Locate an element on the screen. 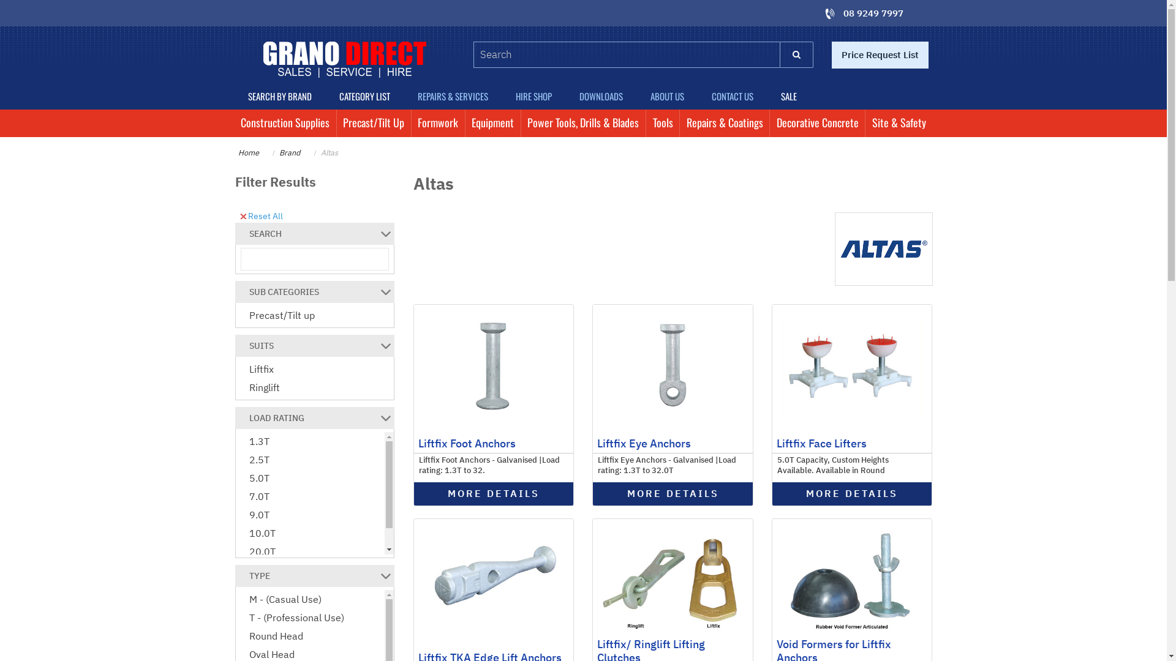 The height and width of the screenshot is (661, 1176). 'ABOUT US' is located at coordinates (666, 96).